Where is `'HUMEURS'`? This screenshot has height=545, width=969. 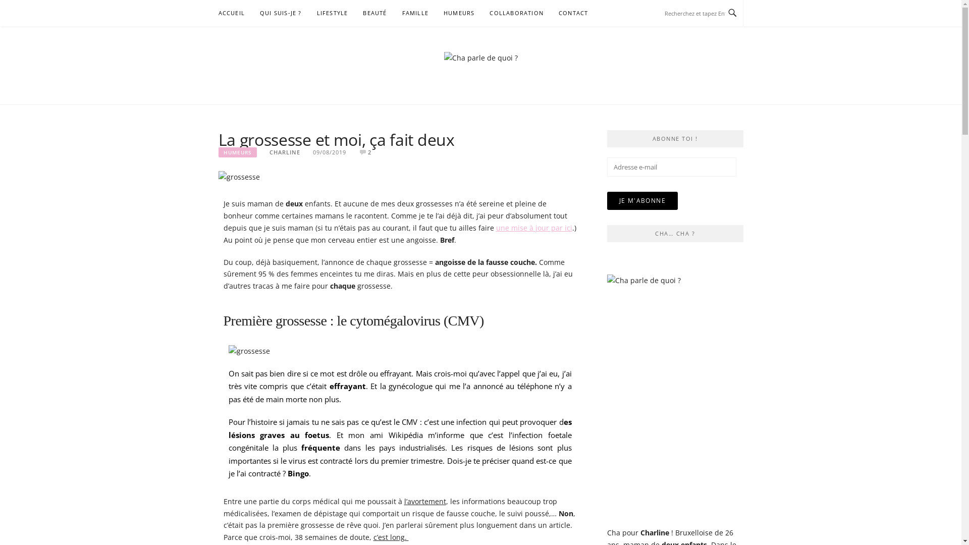
'HUMEURS' is located at coordinates (458, 13).